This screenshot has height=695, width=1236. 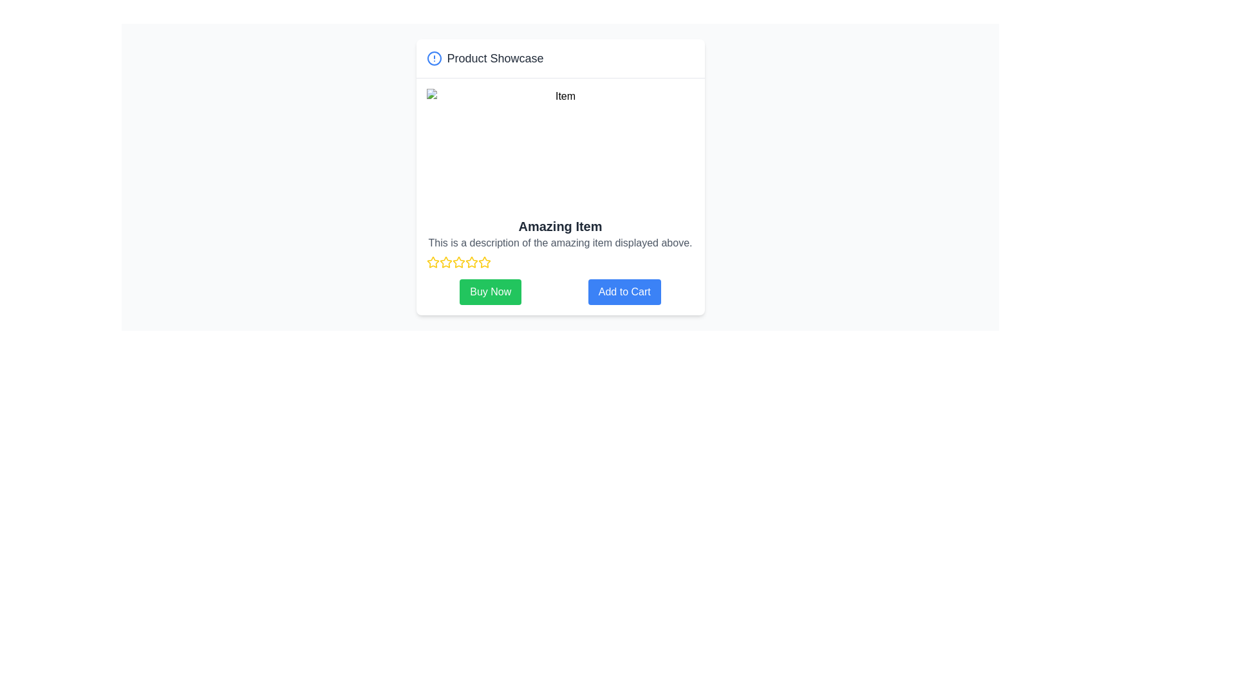 What do you see at coordinates (471, 261) in the screenshot?
I see `the fourth star in the rating system located beneath the heading 'Amazing Item'` at bounding box center [471, 261].